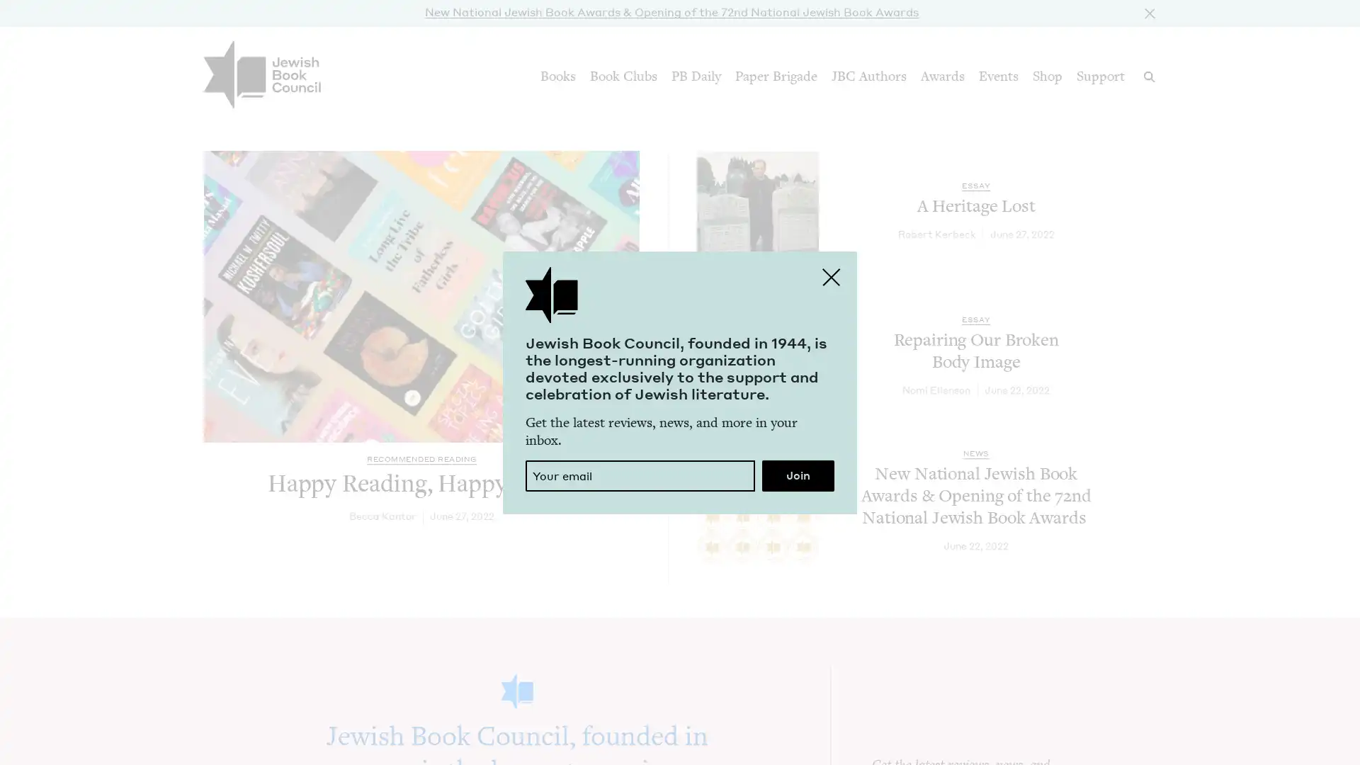 Image resolution: width=1360 pixels, height=765 pixels. What do you see at coordinates (832, 276) in the screenshot?
I see `Close` at bounding box center [832, 276].